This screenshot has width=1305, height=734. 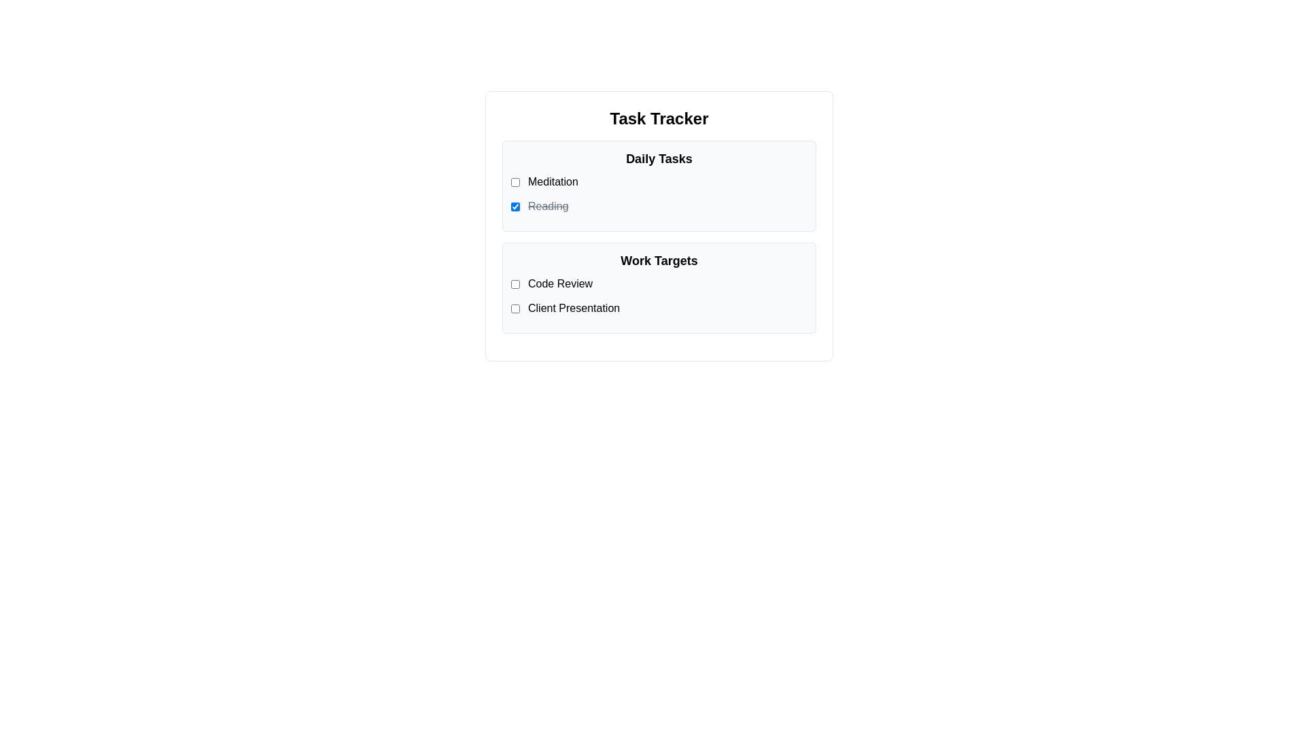 I want to click on the textual label displaying 'Code Review' that is located in the lower-right panel titled 'Work Targets', beneath the main header 'Task Tracker', so click(x=560, y=283).